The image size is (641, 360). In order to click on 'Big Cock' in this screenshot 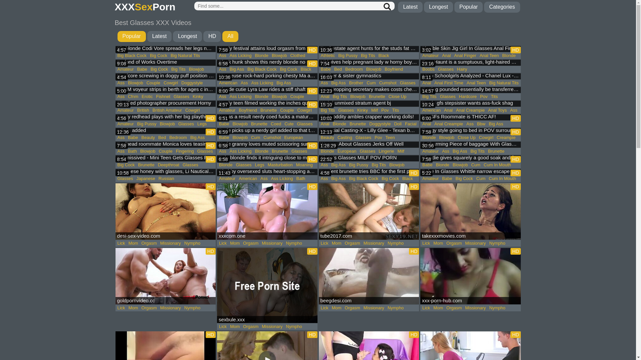, I will do `click(148, 55)`.